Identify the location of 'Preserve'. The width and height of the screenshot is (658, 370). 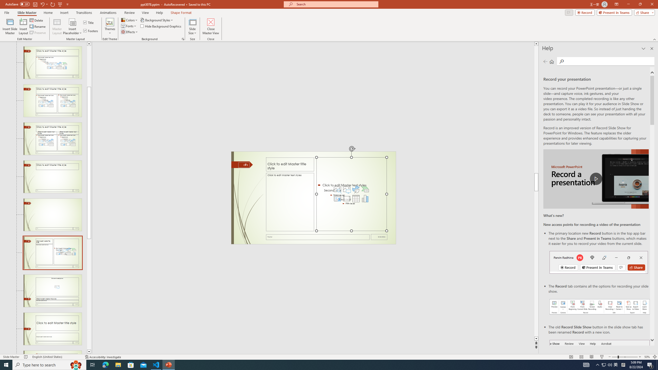
(38, 33).